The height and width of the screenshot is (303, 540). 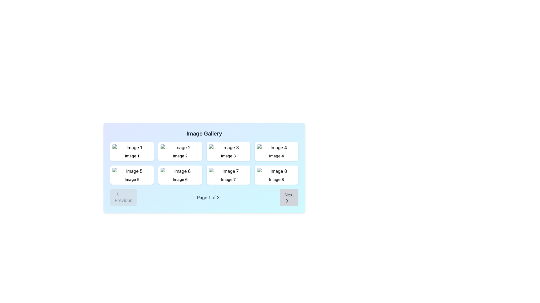 I want to click on the image placeholder with the alternative text 'Image 5' located, so click(x=132, y=171).